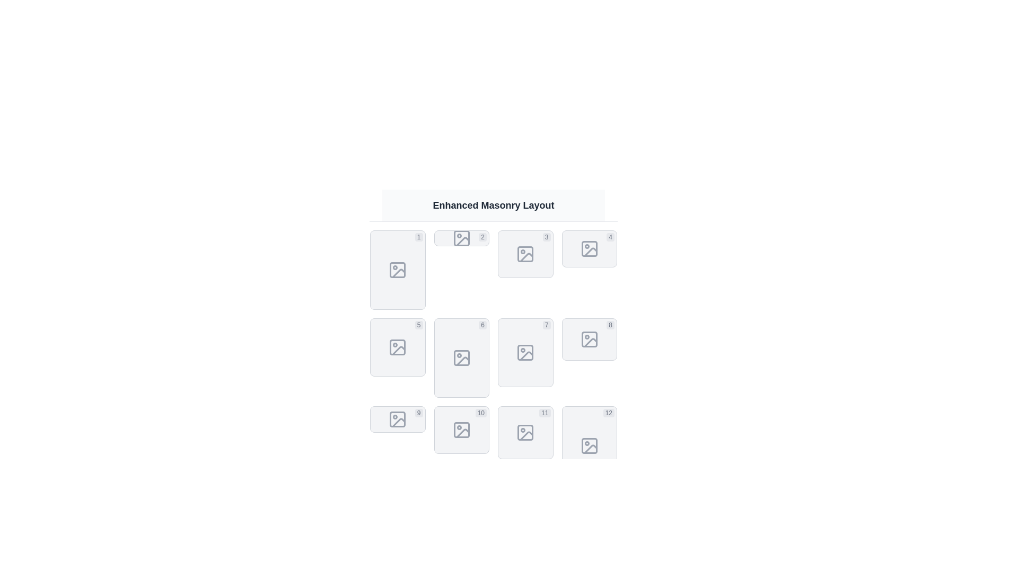 The width and height of the screenshot is (1018, 572). Describe the element at coordinates (589, 339) in the screenshot. I see `the A card or tile element with a light gray background and a badge showing the number '8' in the third row, first column of the grid layout` at that location.